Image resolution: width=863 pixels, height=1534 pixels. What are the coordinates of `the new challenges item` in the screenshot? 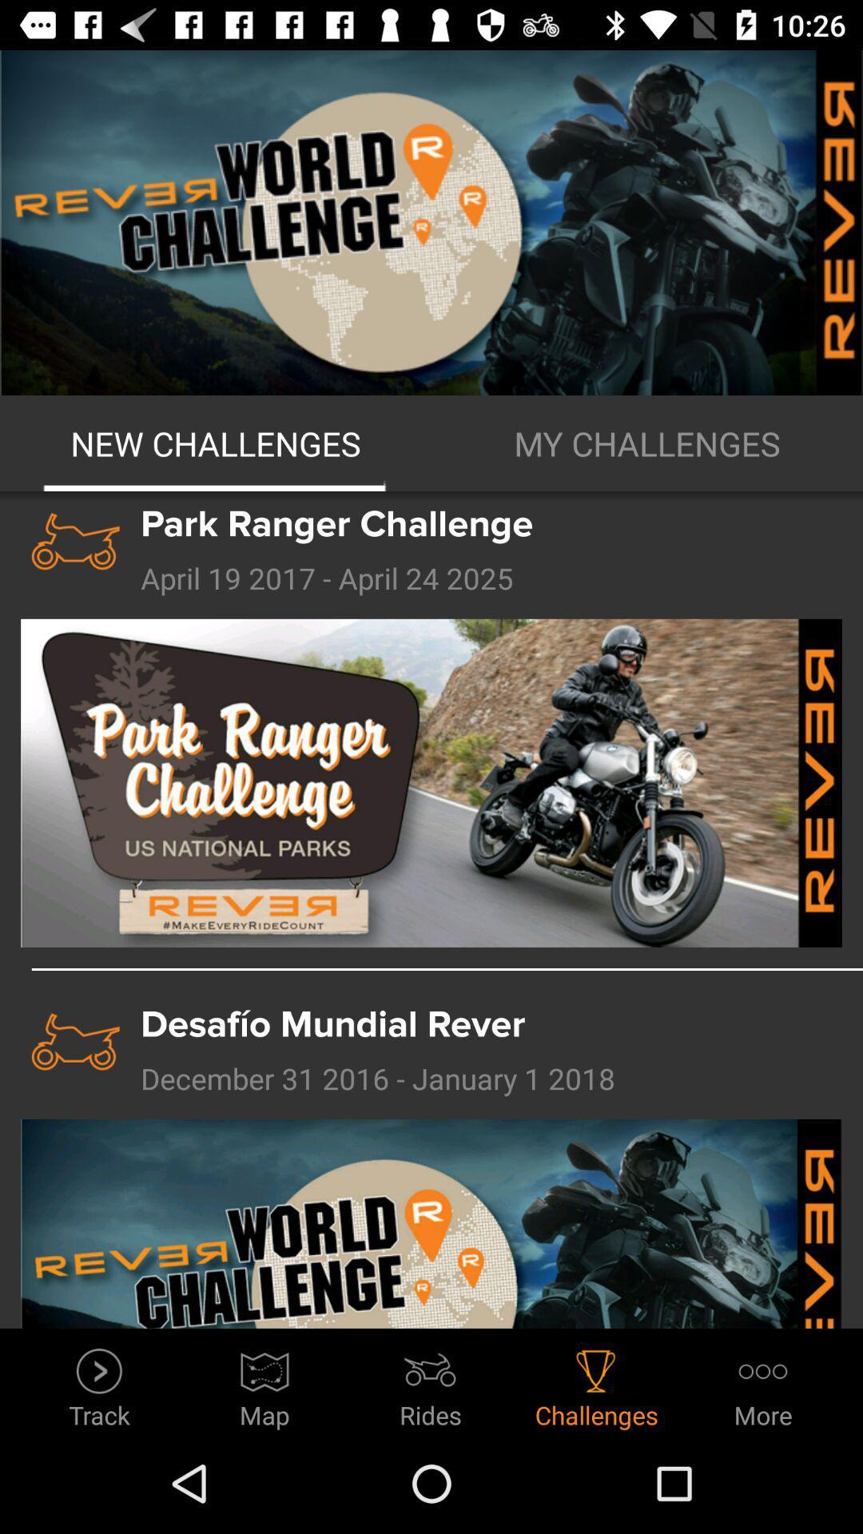 It's located at (216, 443).